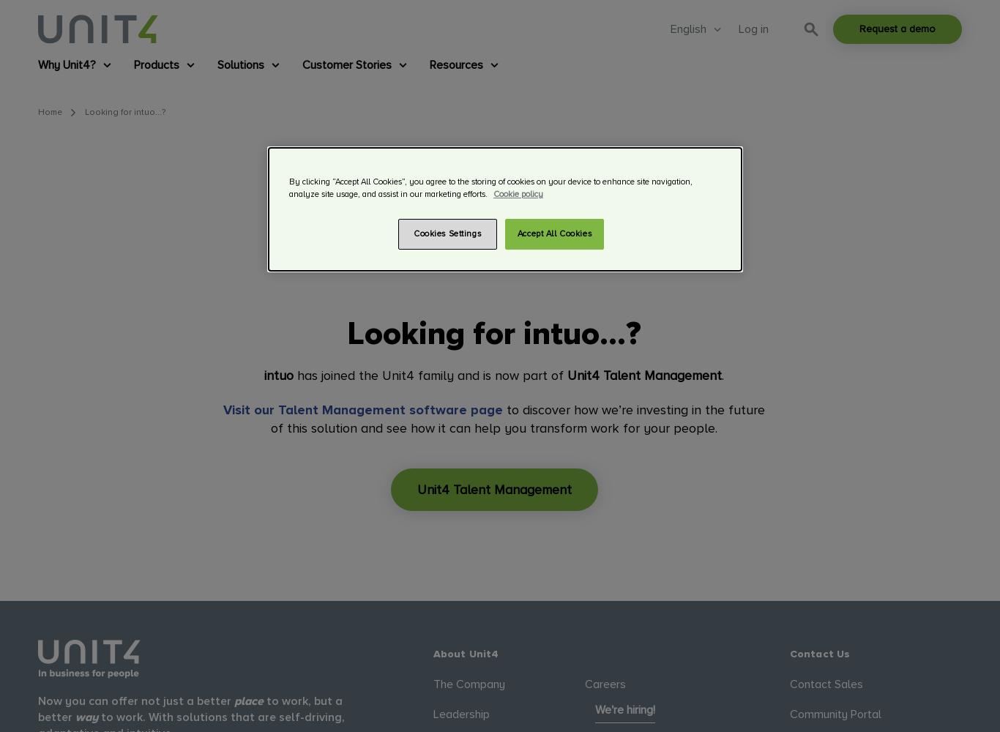  Describe the element at coordinates (248, 700) in the screenshot. I see `'place'` at that location.